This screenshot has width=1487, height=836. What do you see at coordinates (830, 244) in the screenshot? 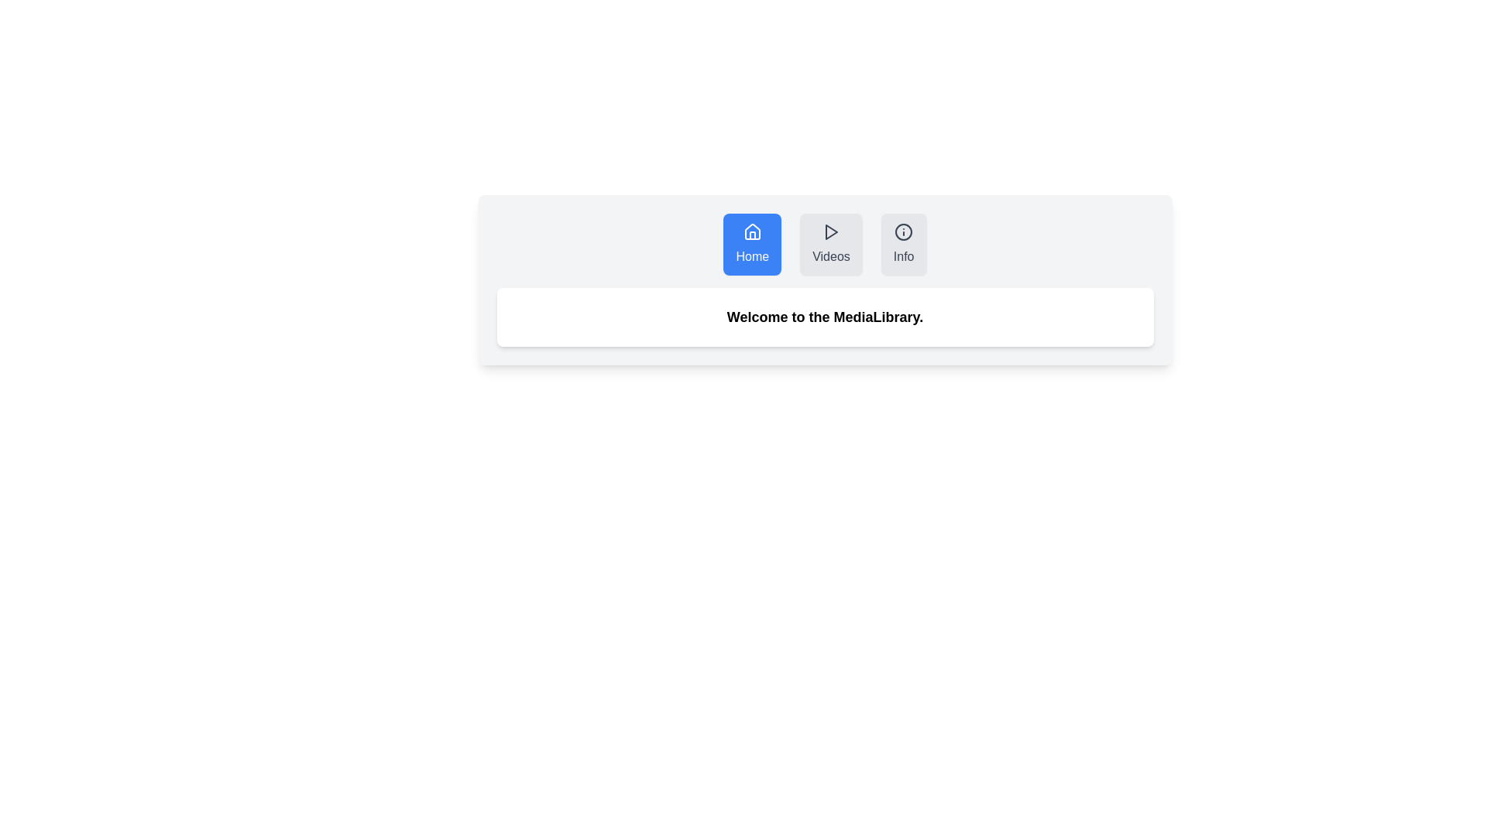
I see `the Videos tab` at bounding box center [830, 244].